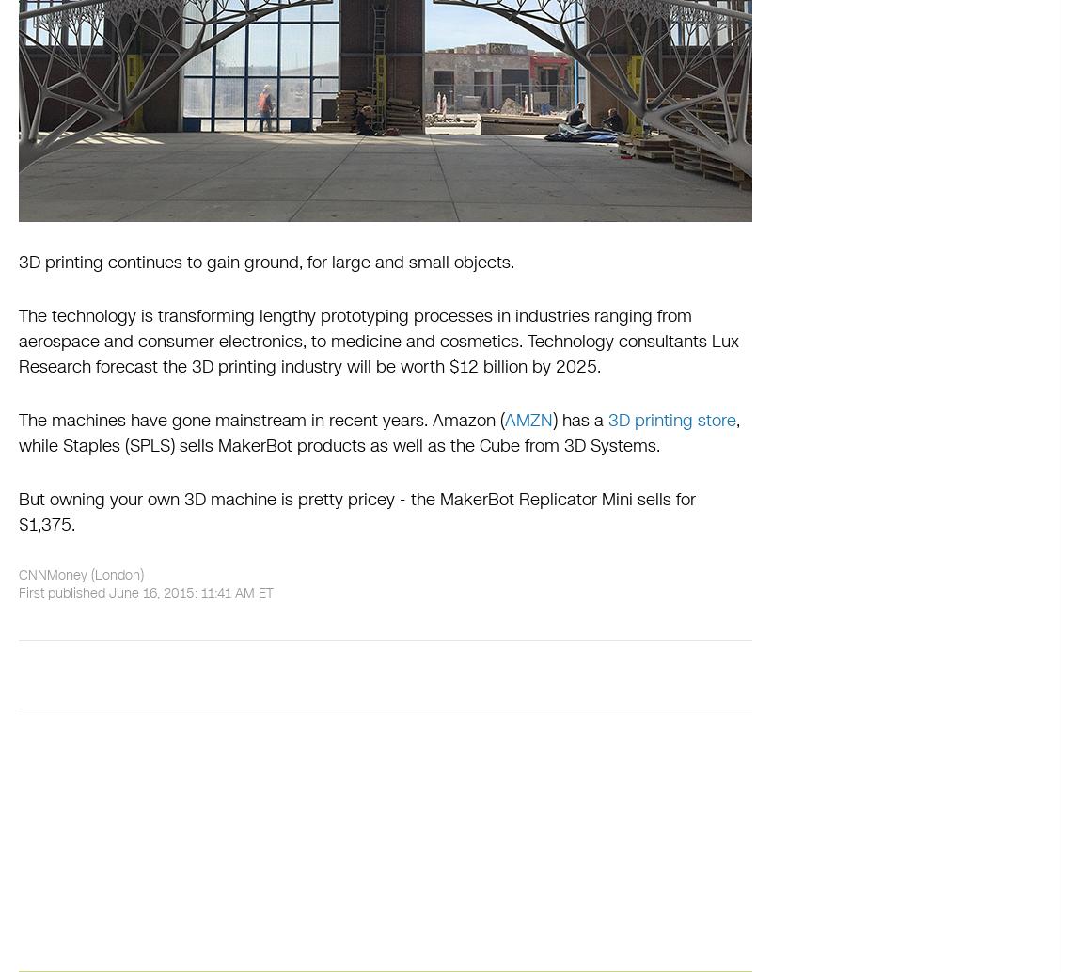 The width and height of the screenshot is (1072, 972). Describe the element at coordinates (378, 433) in the screenshot. I see `', while'` at that location.